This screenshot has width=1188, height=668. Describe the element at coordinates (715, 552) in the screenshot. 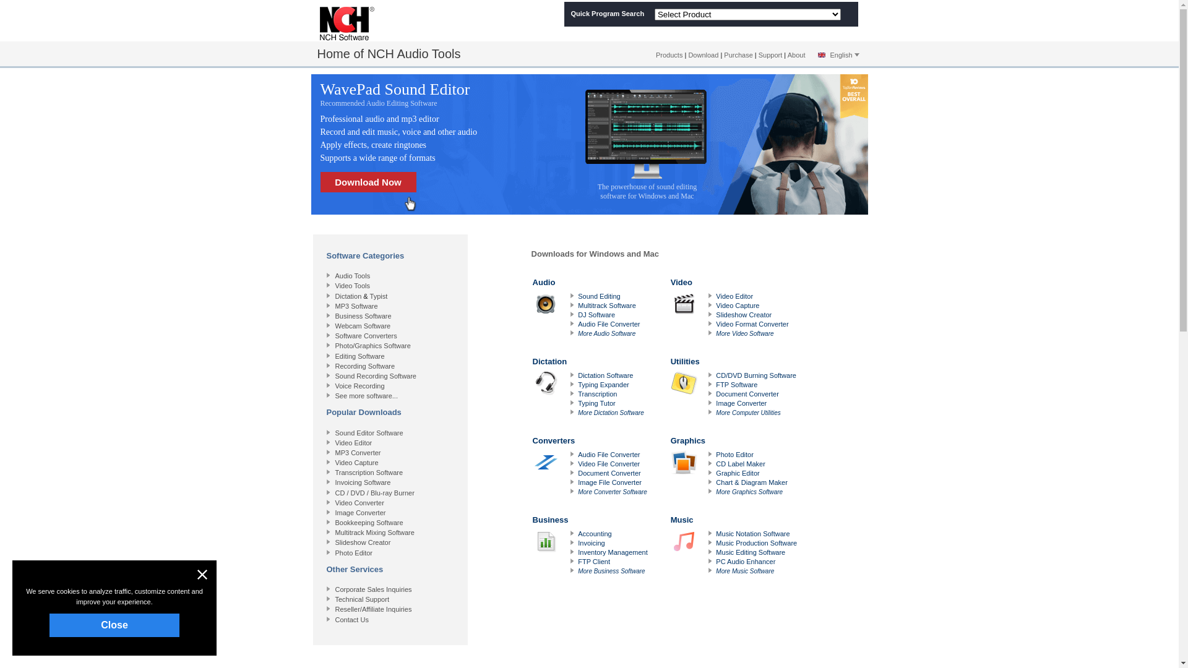

I see `'Music Editing Software'` at that location.